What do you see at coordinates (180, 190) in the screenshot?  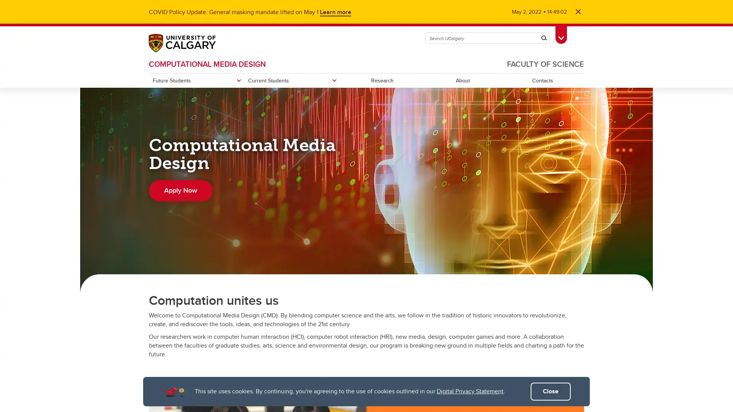 I see `Apply Now` at bounding box center [180, 190].